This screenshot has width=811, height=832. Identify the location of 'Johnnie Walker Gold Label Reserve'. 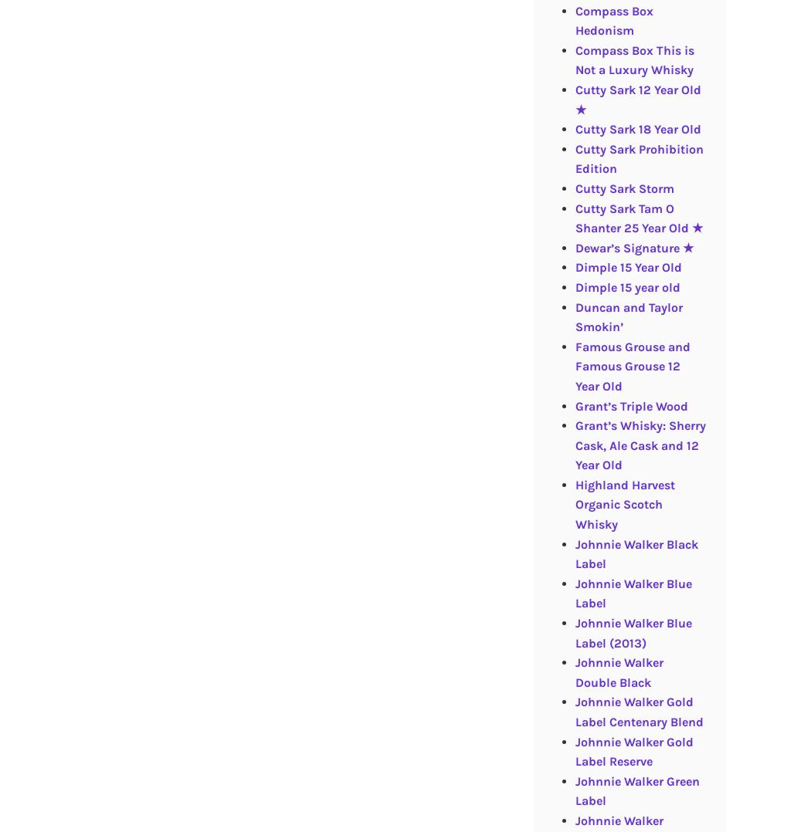
(633, 751).